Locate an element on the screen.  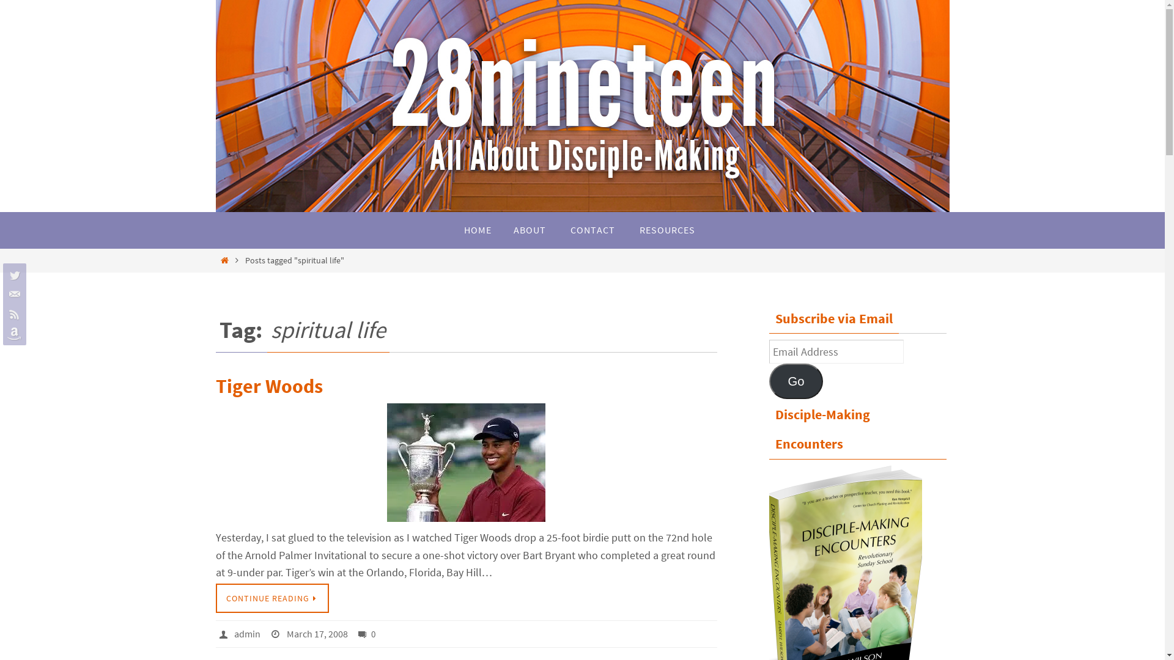
'Leave a comment' is located at coordinates (363, 633).